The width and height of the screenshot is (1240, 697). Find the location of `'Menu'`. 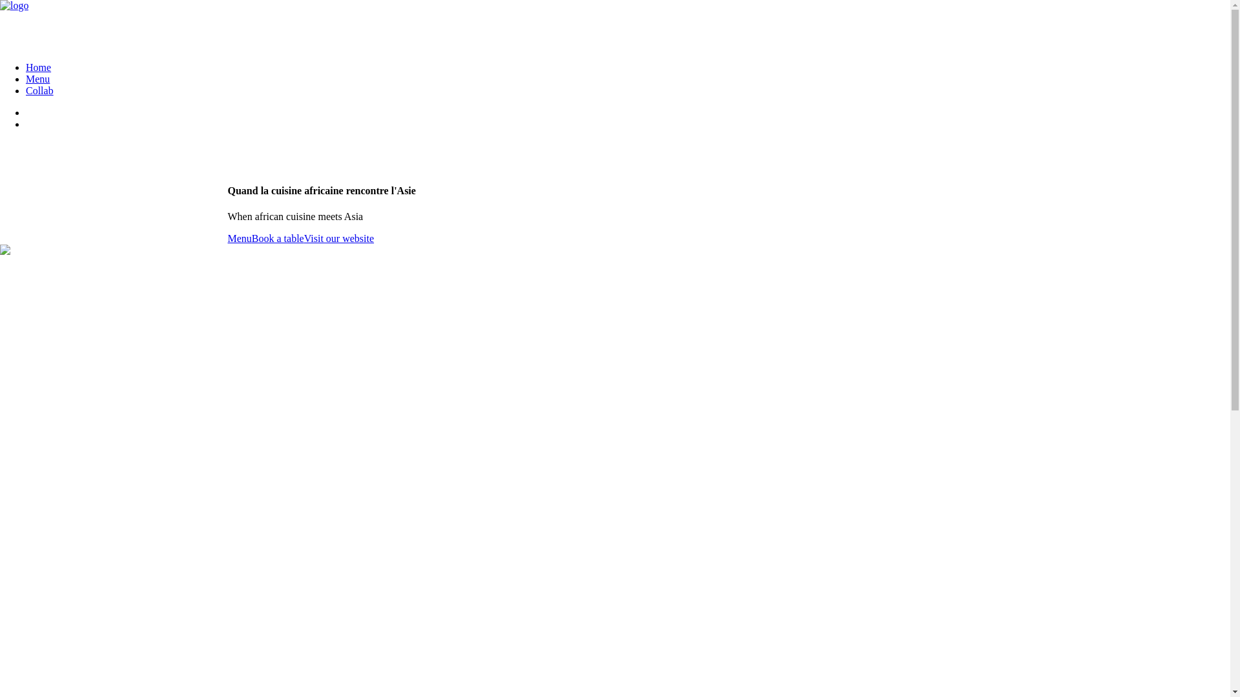

'Menu' is located at coordinates (37, 79).